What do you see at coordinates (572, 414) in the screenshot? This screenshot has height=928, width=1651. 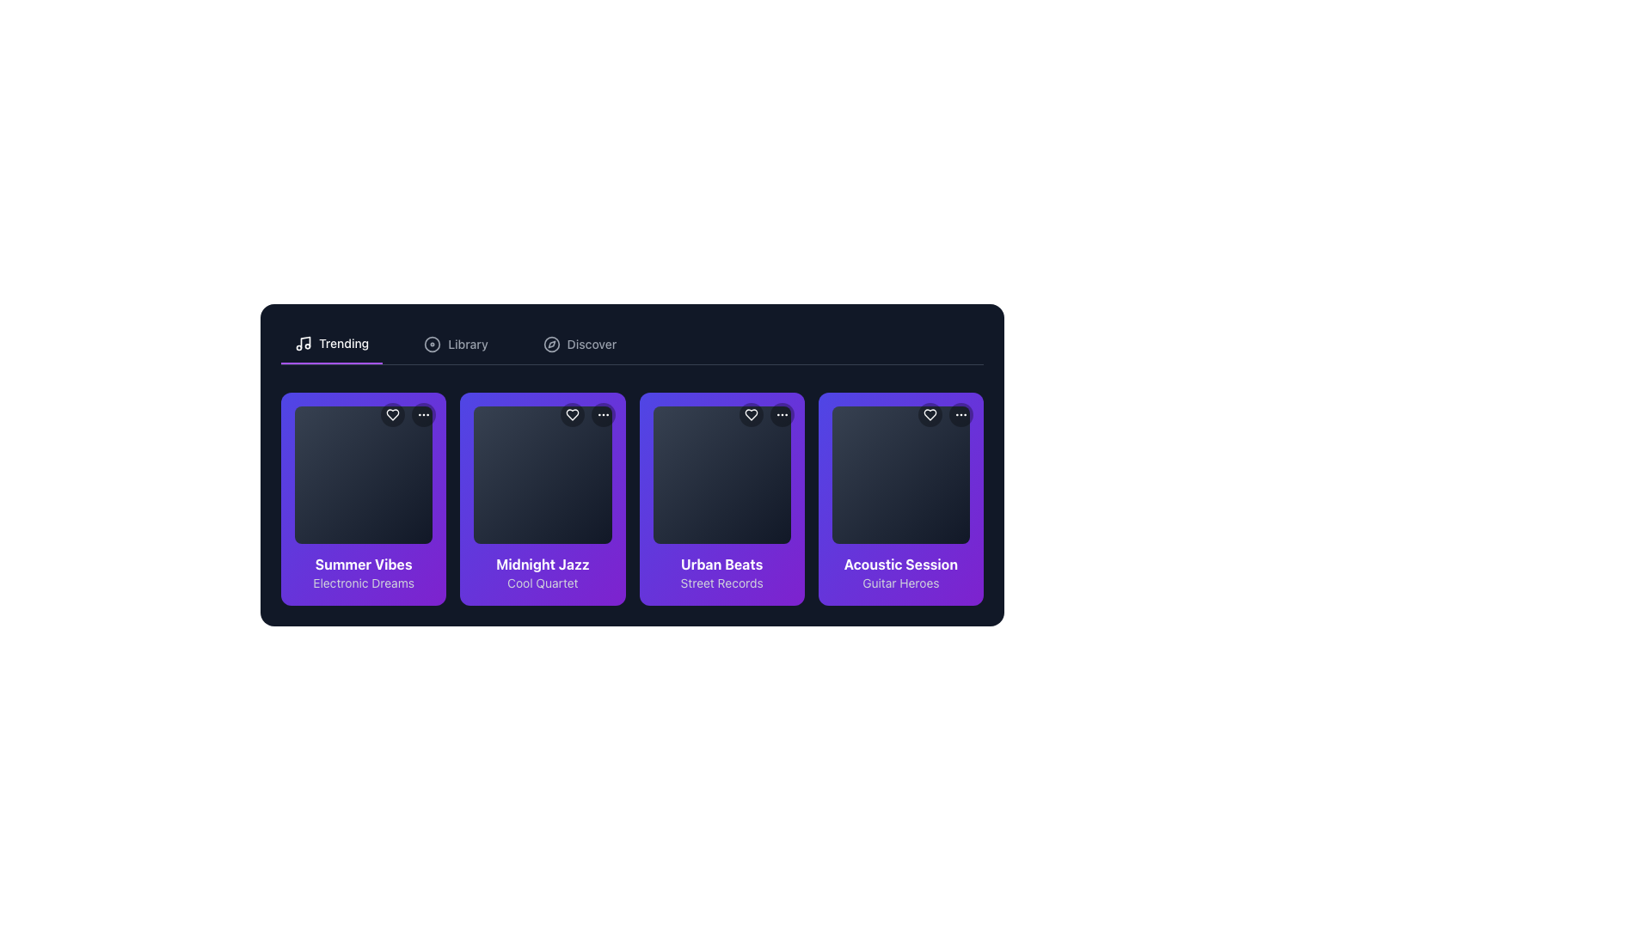 I see `the heart-shaped icon located in the top-right corner of the 'Midnight Jazz' card` at bounding box center [572, 414].